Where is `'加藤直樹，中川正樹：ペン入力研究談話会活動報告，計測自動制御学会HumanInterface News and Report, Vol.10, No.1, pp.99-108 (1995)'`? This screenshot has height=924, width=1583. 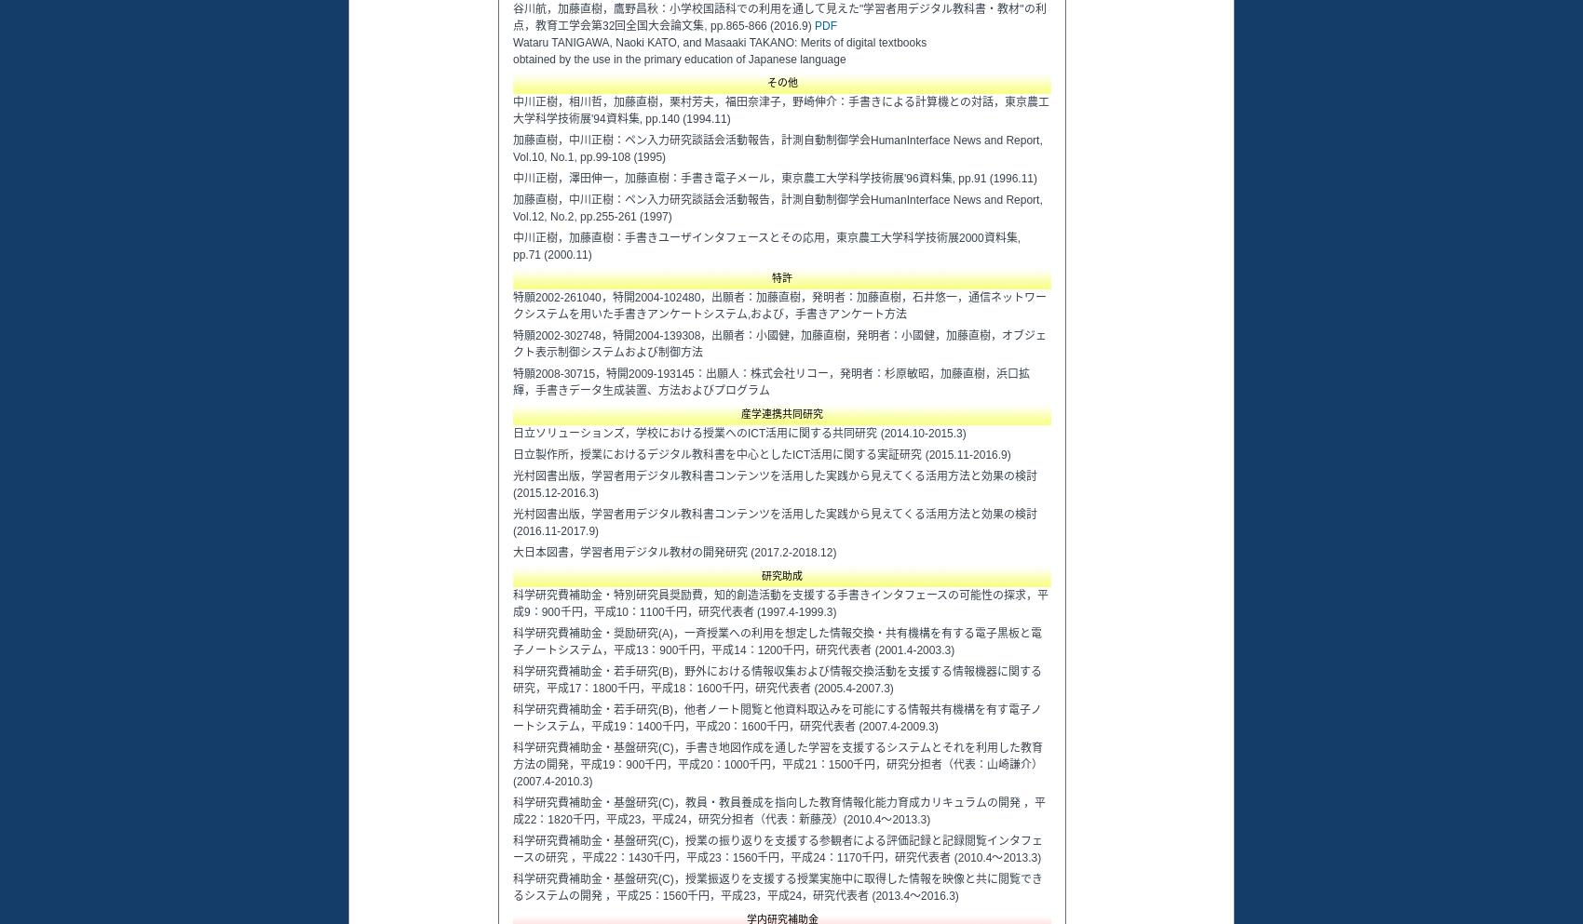
'加藤直樹，中川正樹：ペン入力研究談話会活動報告，計測自動制御学会HumanInterface News and Report, Vol.10, No.1, pp.99-108 (1995)' is located at coordinates (777, 147).